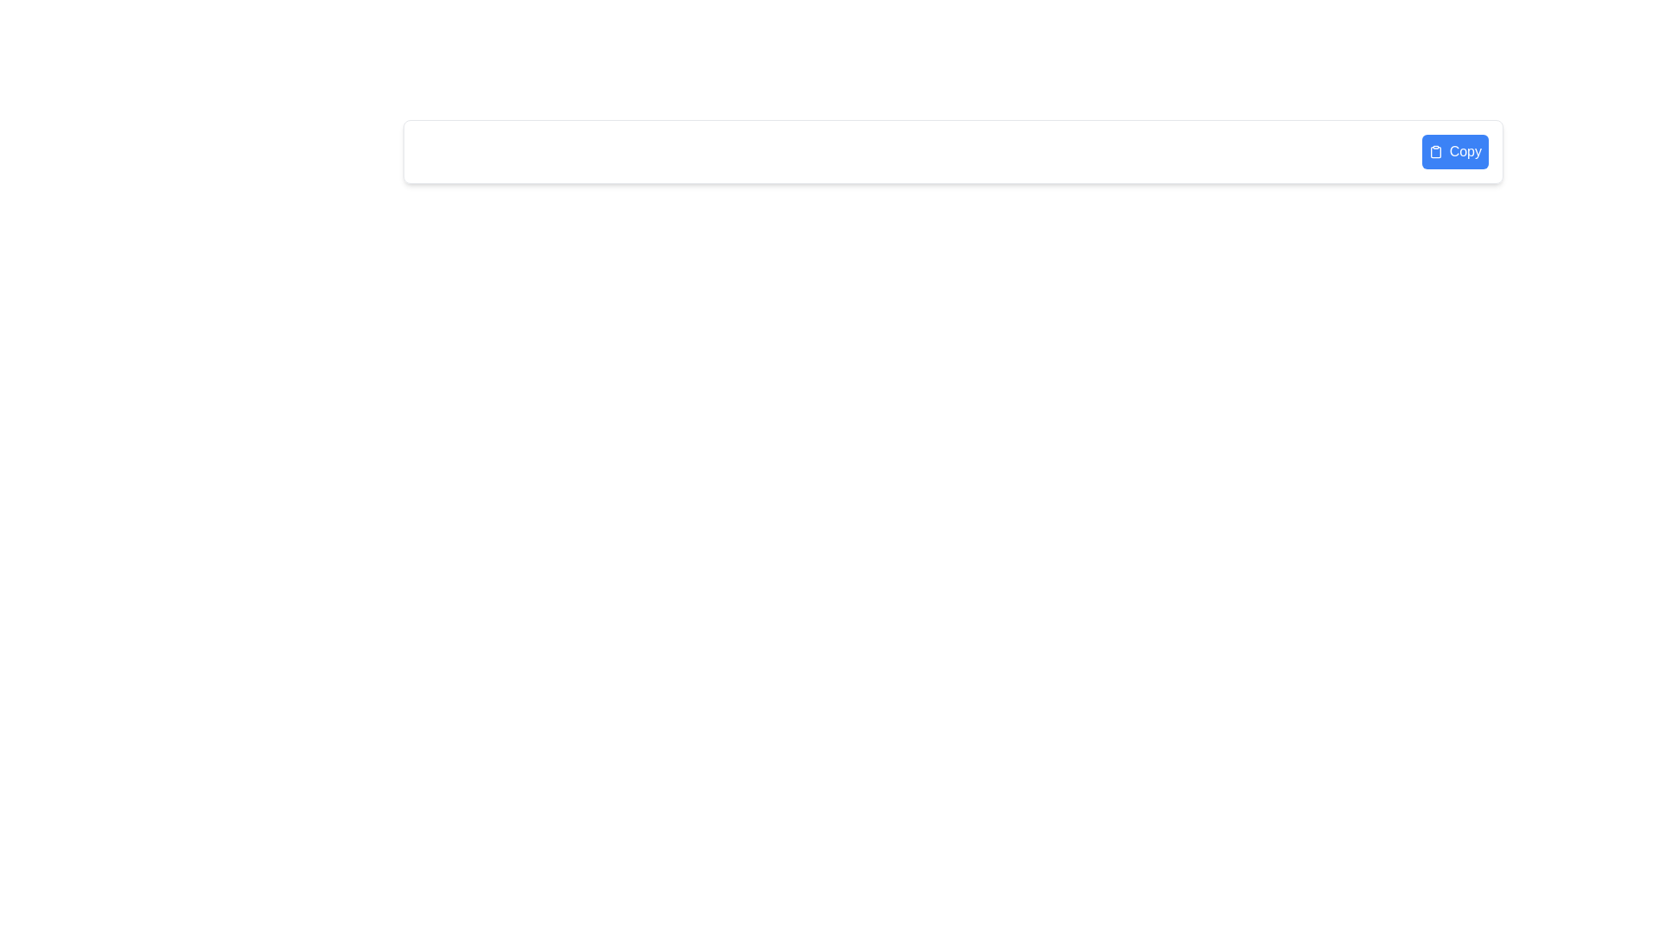 This screenshot has height=933, width=1659. Describe the element at coordinates (1454, 151) in the screenshot. I see `the blue button labeled 'Copy' with a clipboard icon to copy content` at that location.